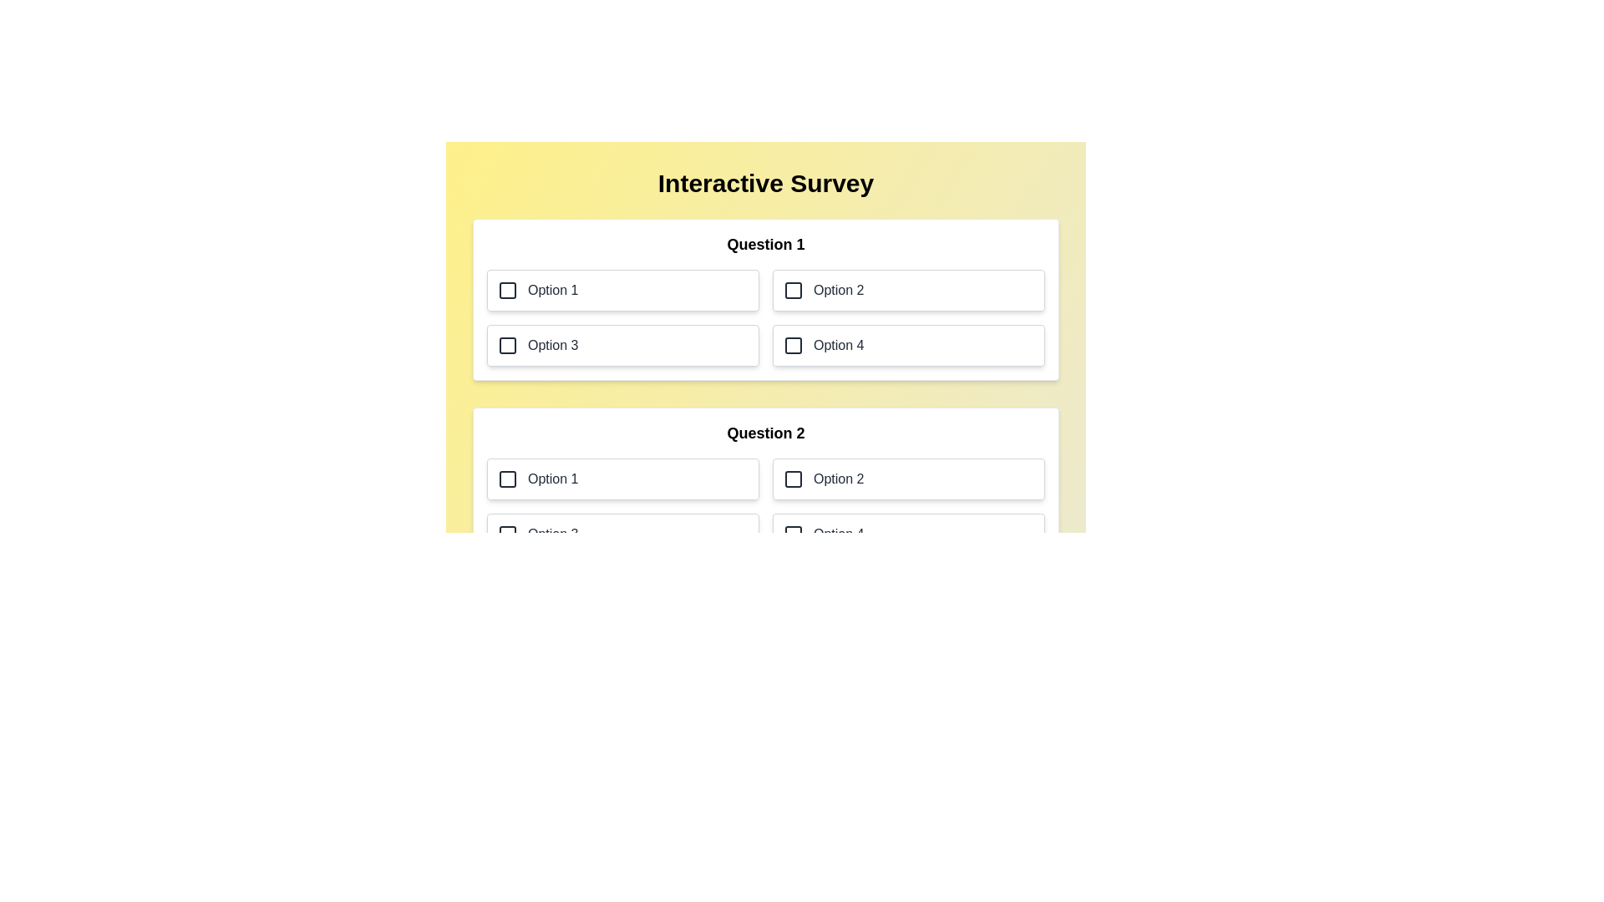 The image size is (1604, 902). What do you see at coordinates (622, 344) in the screenshot?
I see `the option 3 for question 1` at bounding box center [622, 344].